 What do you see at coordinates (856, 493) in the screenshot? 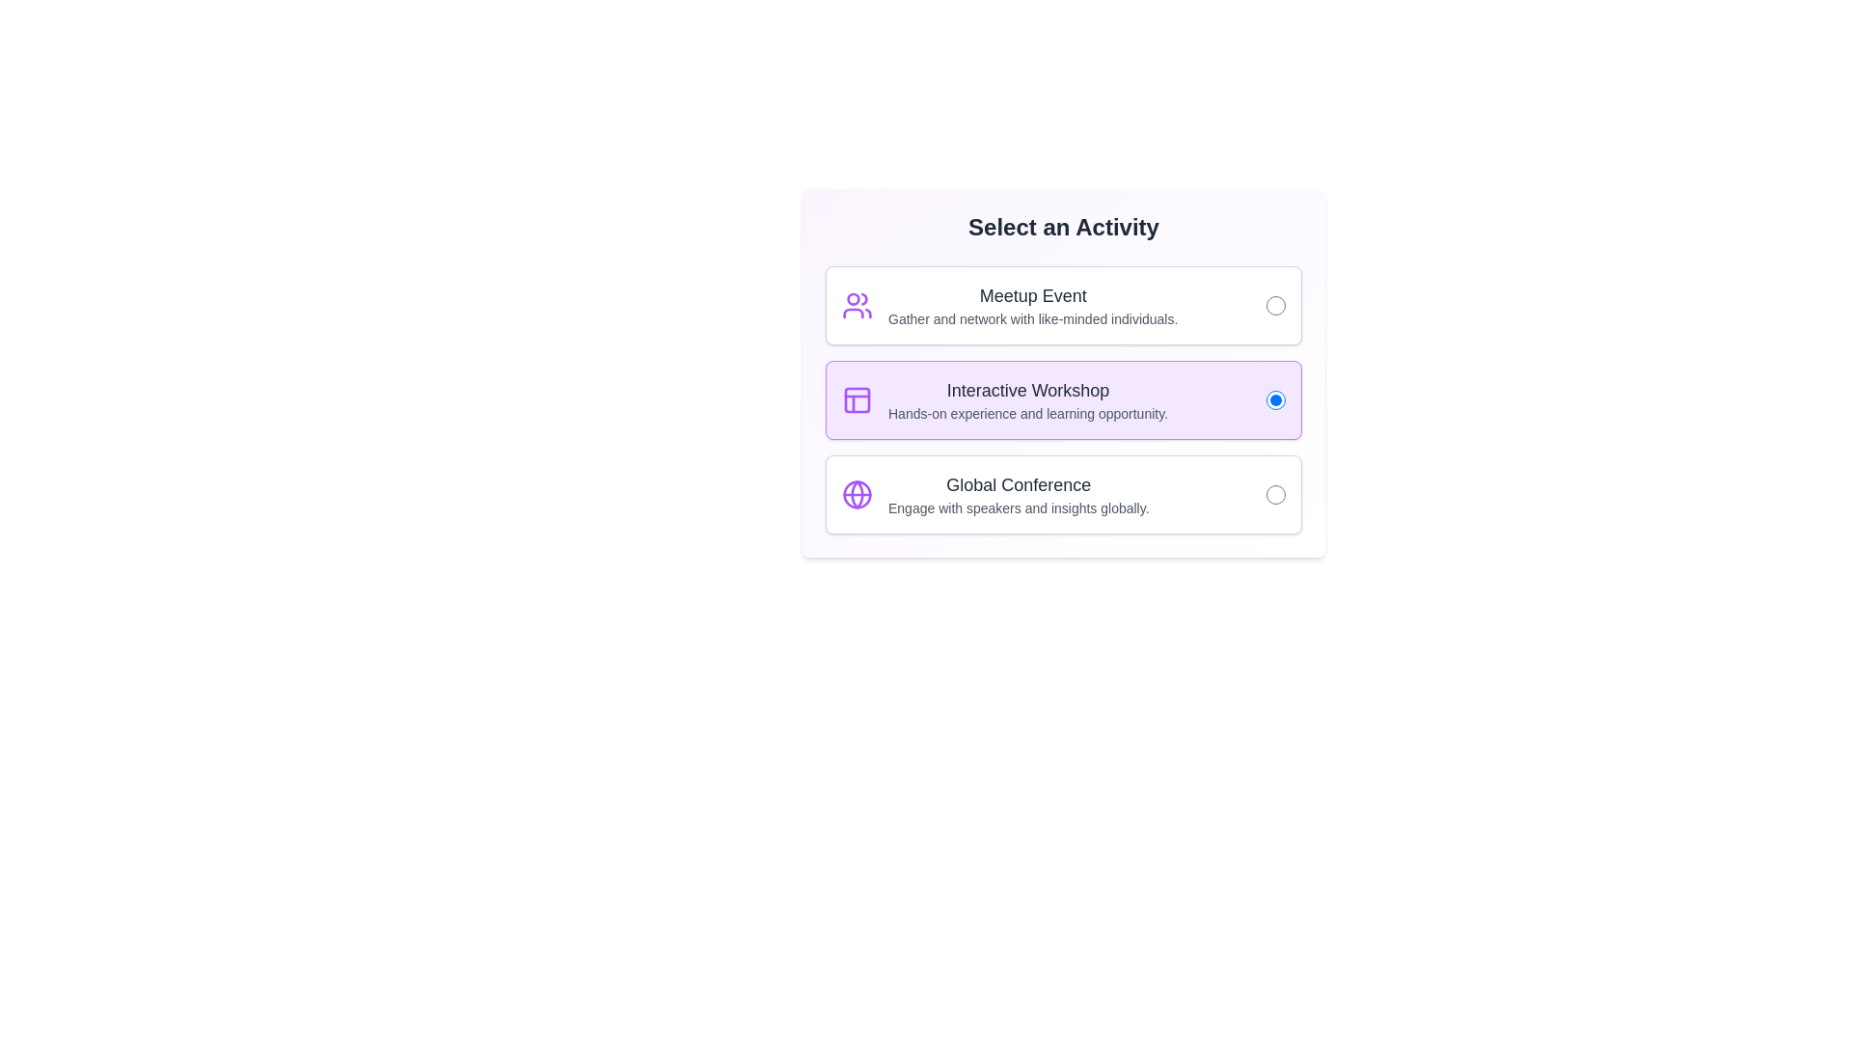
I see `the circular outline of the globe-like shape styled with a purple stroke color, which represents the 'Global Conference' option in the vertical list of activities` at bounding box center [856, 493].